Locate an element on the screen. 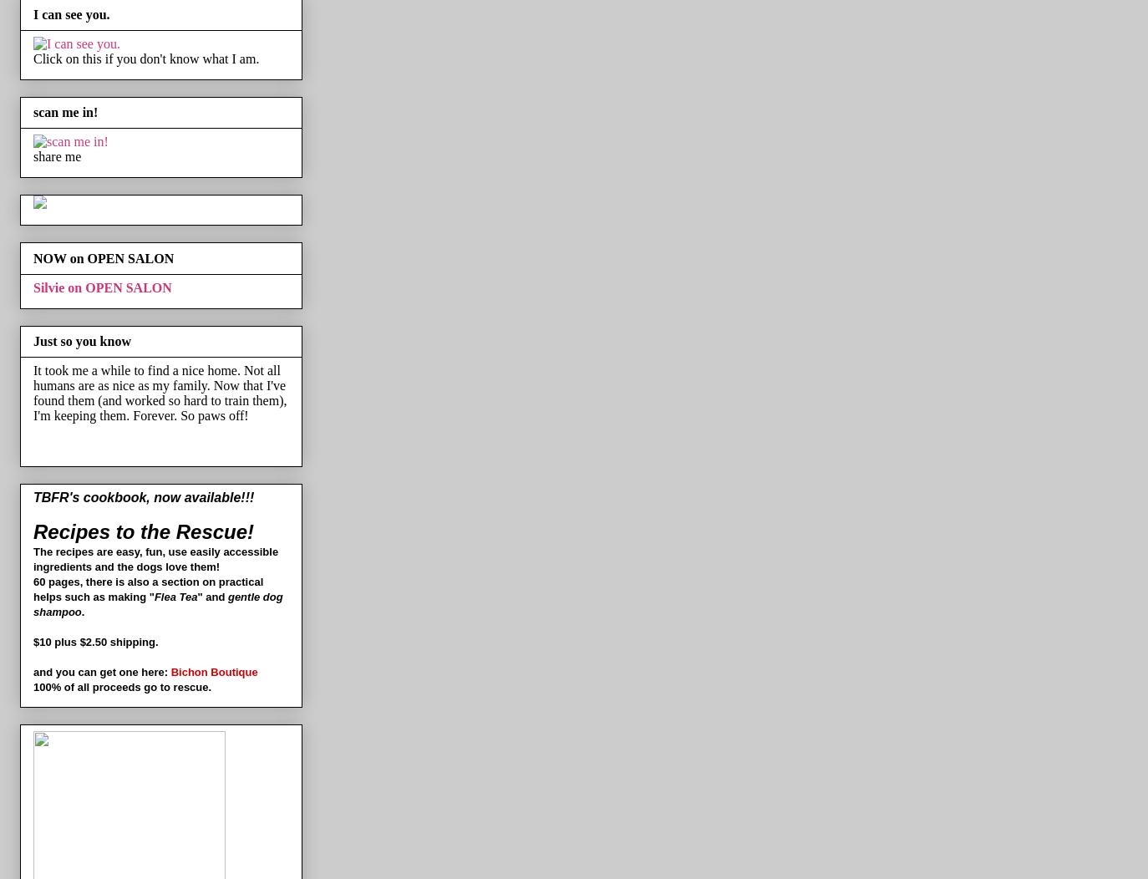 The image size is (1148, 879). 'The recipes are easy, fun, use easily accessible ingredients and the dogs love them!' is located at coordinates (155, 558).